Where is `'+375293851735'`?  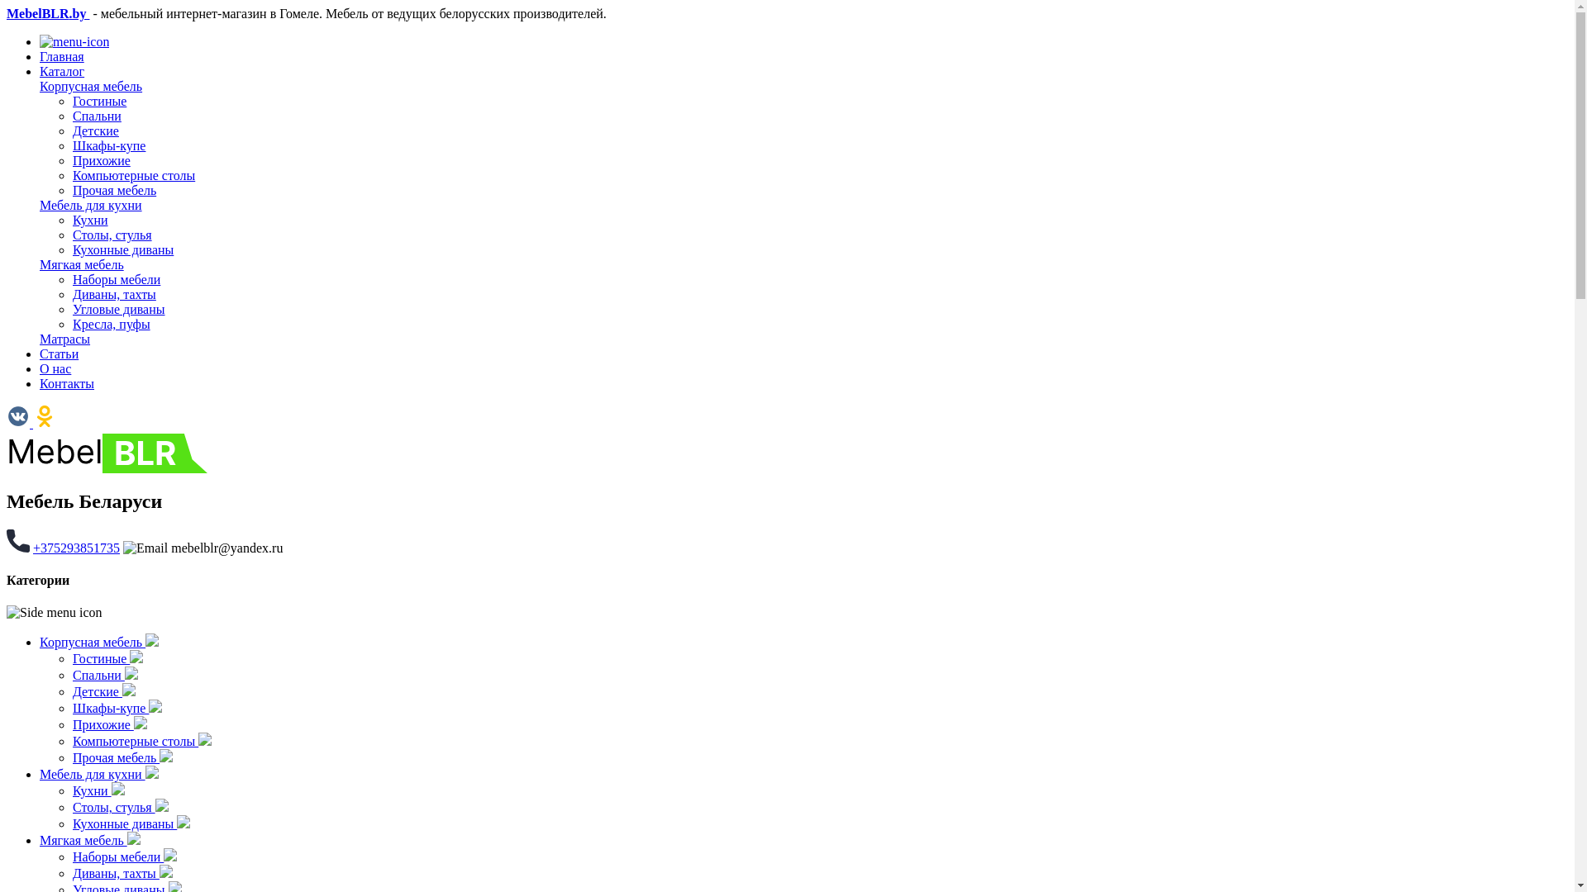
'+375293851735' is located at coordinates (75, 548).